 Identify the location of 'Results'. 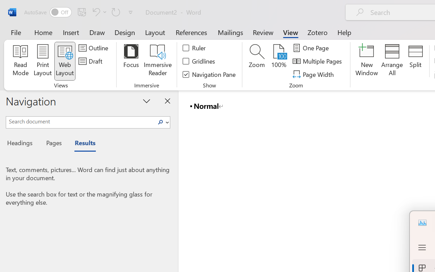
(82, 144).